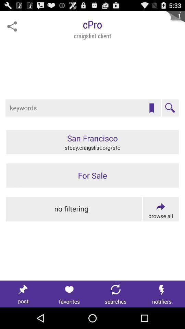 Image resolution: width=185 pixels, height=329 pixels. I want to click on posts, so click(23, 294).